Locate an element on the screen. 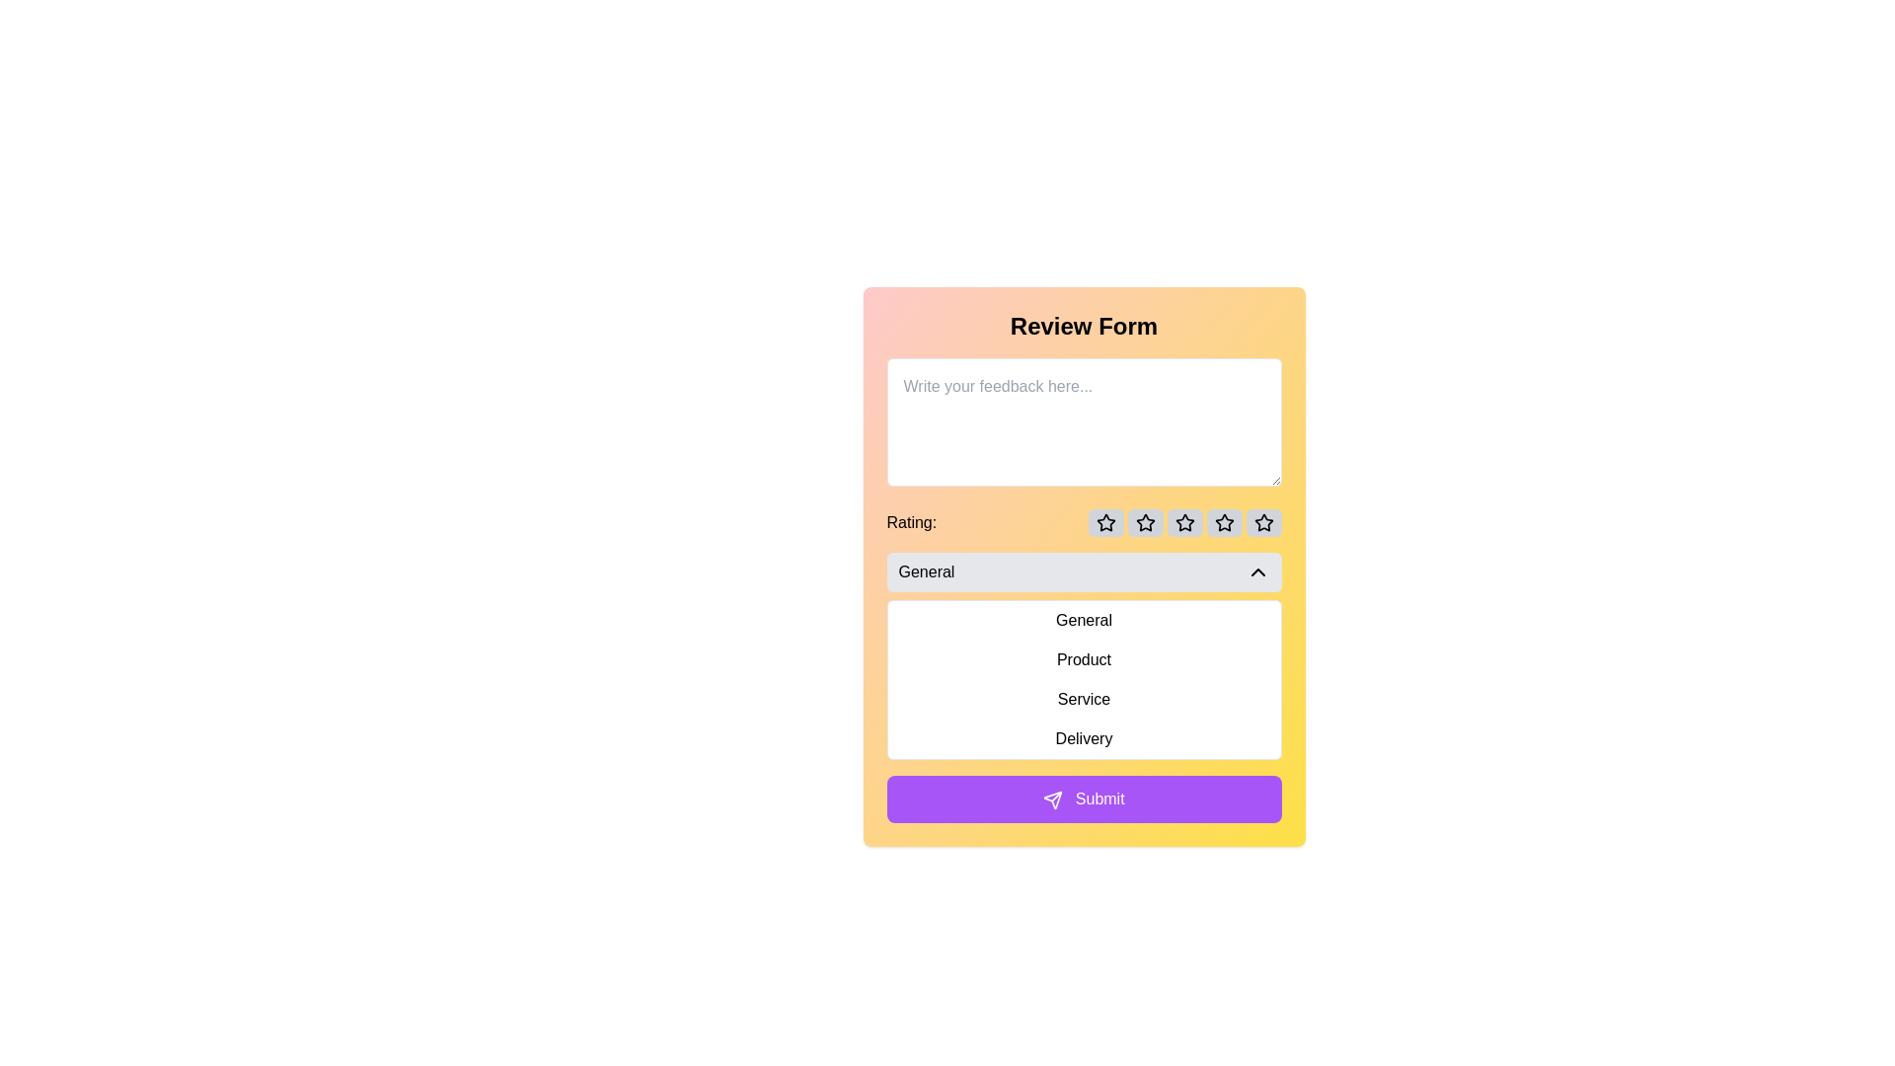  the fourth item in the dropdown menu labeled 'Delivery' to make a selection is located at coordinates (1083, 738).